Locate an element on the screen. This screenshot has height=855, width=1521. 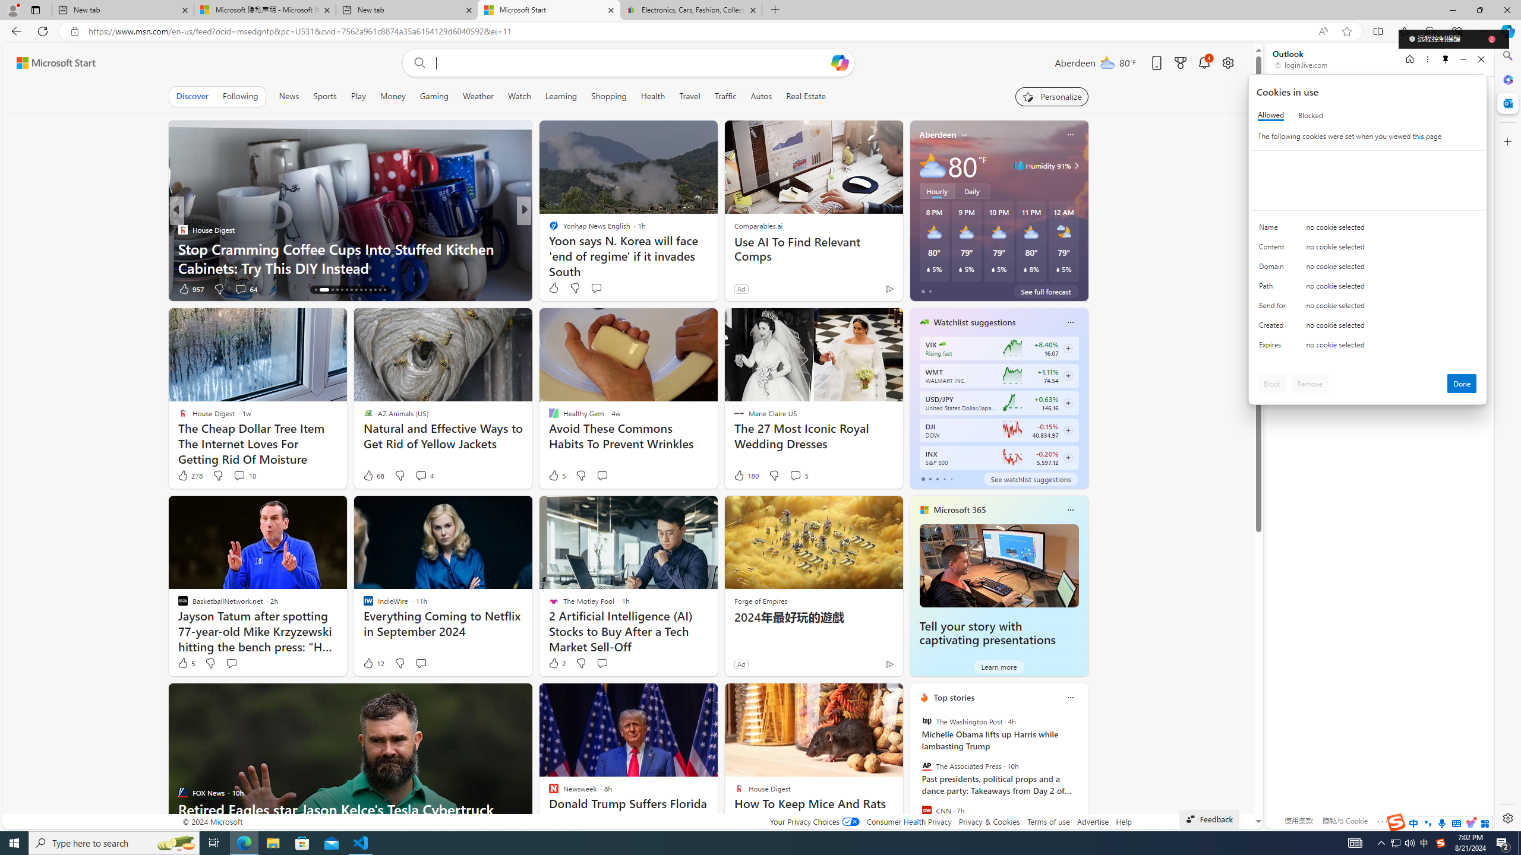
'Content' is located at coordinates (1274, 249).